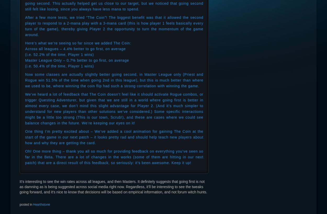 The image size is (327, 214). I want to click on '(i.e. 52.2% of the time, Player 1 wins)', so click(59, 55).